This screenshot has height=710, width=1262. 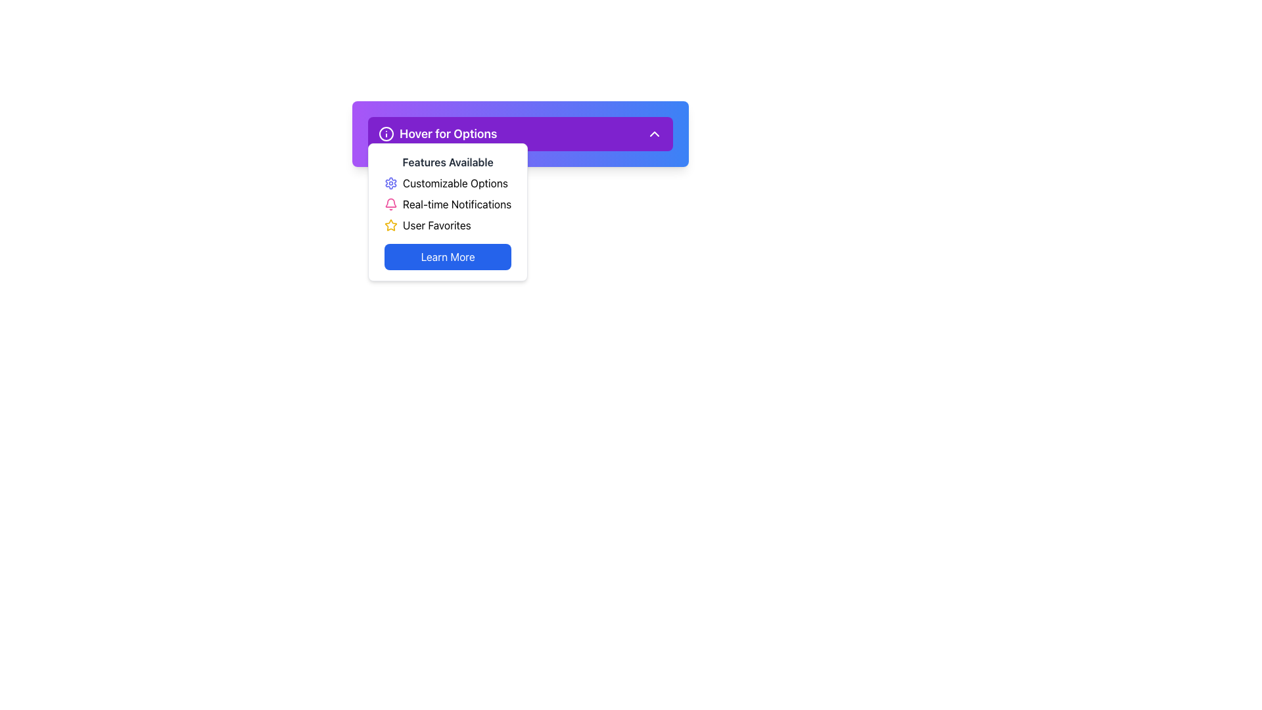 I want to click on the text label displaying 'Real-time Notifications', which is styled in black on a white background and positioned to the right of a pink bell icon, so click(x=457, y=204).